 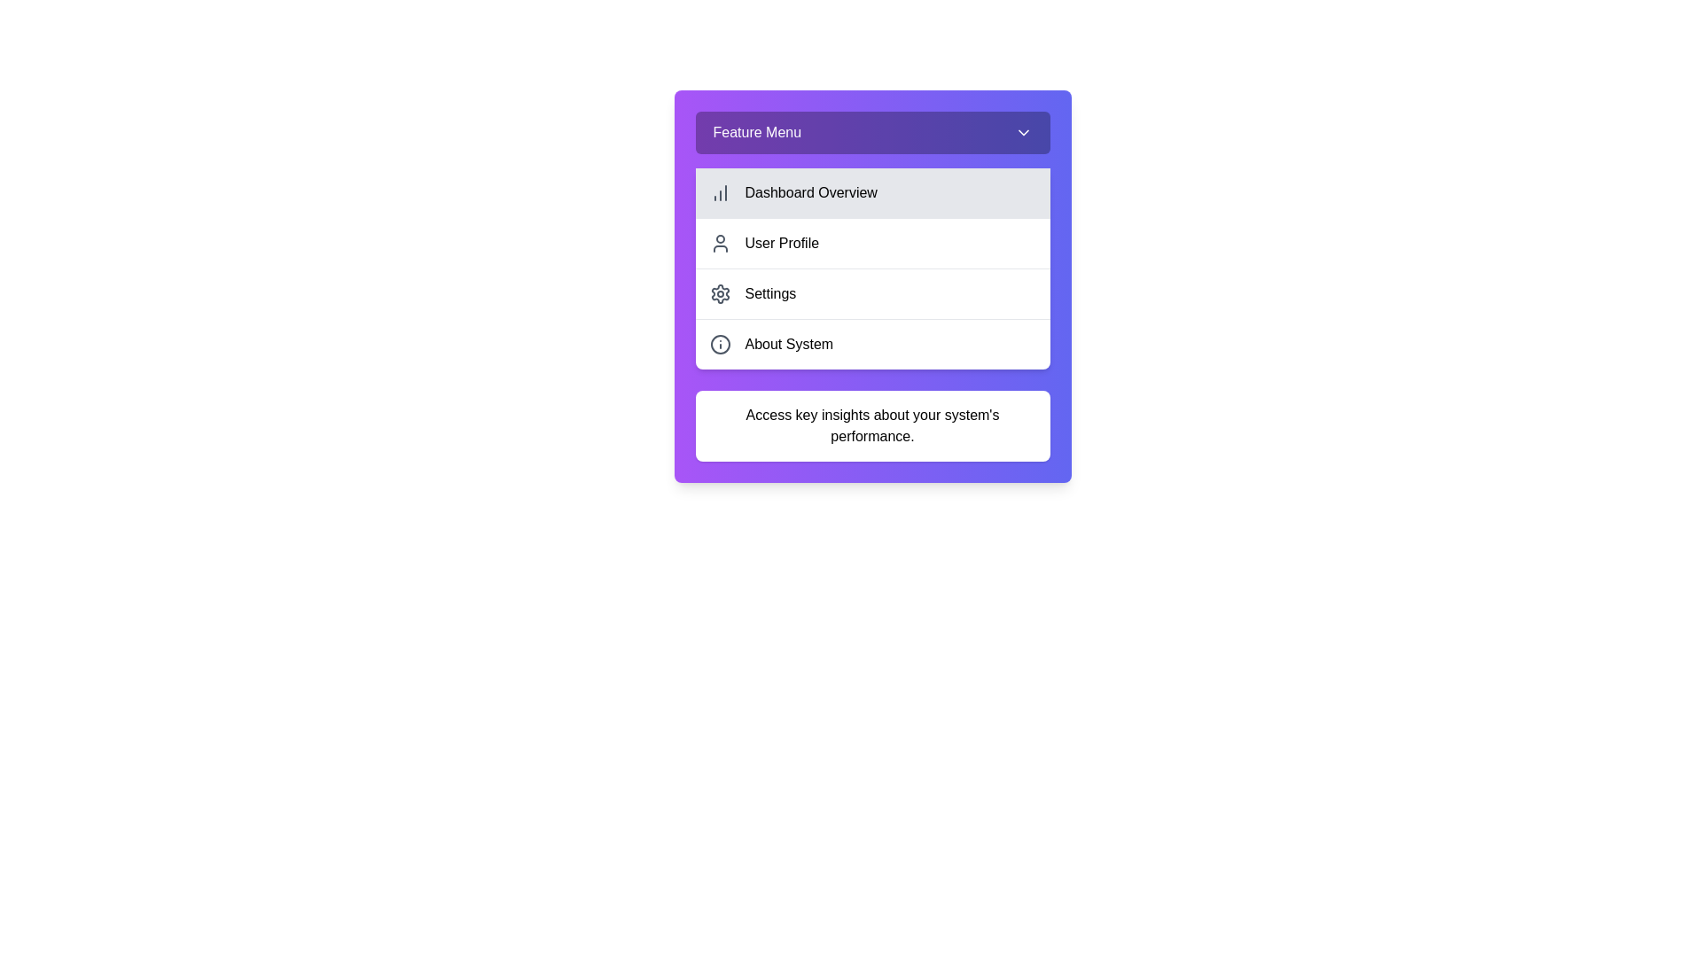 I want to click on the informational text block that displays 'Access key insights about your system's performance.', so click(x=872, y=426).